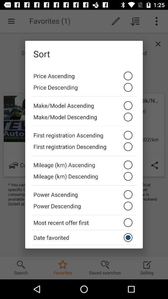  I want to click on item below power ascending, so click(84, 207).